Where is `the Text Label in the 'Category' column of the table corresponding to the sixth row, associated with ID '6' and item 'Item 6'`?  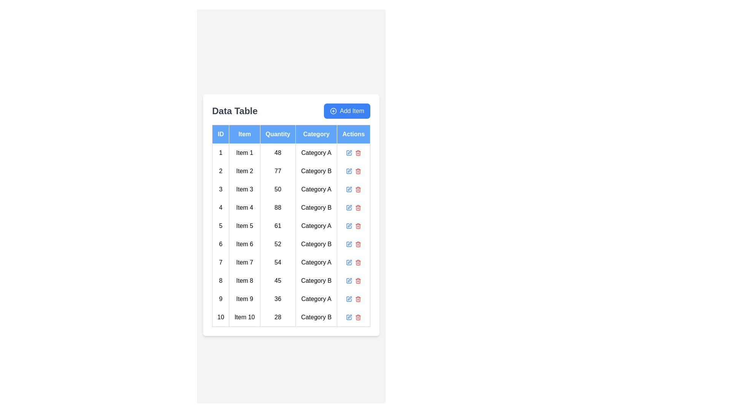 the Text Label in the 'Category' column of the table corresponding to the sixth row, associated with ID '6' and item 'Item 6' is located at coordinates (316, 244).